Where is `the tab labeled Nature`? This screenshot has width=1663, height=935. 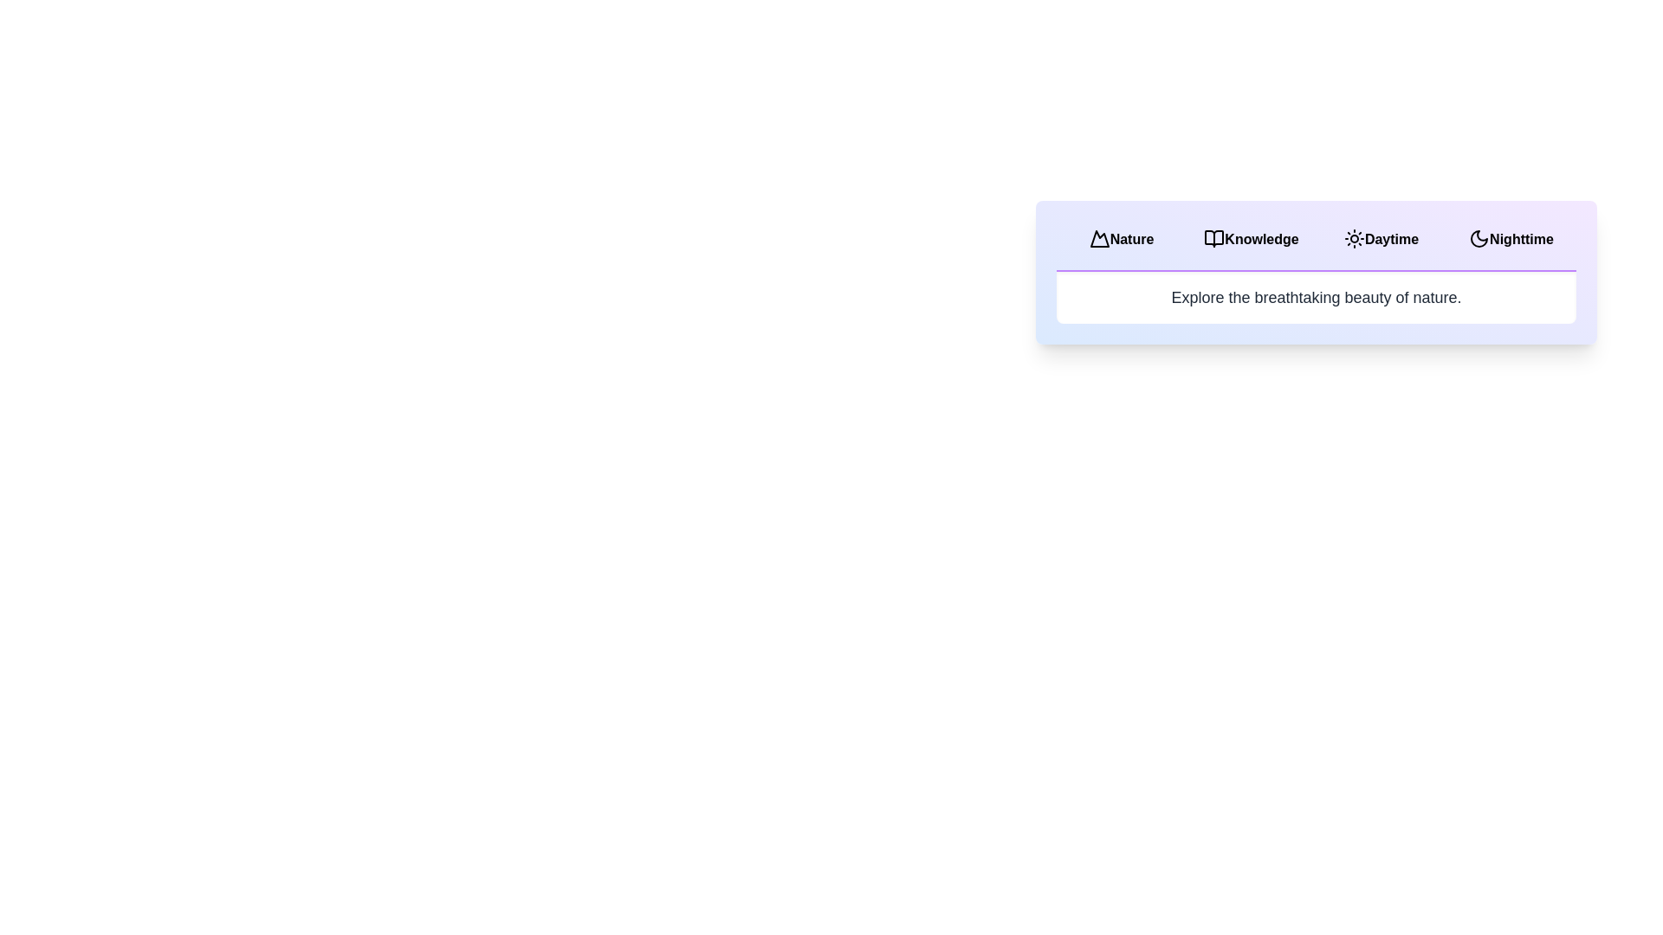 the tab labeled Nature is located at coordinates (1122, 240).